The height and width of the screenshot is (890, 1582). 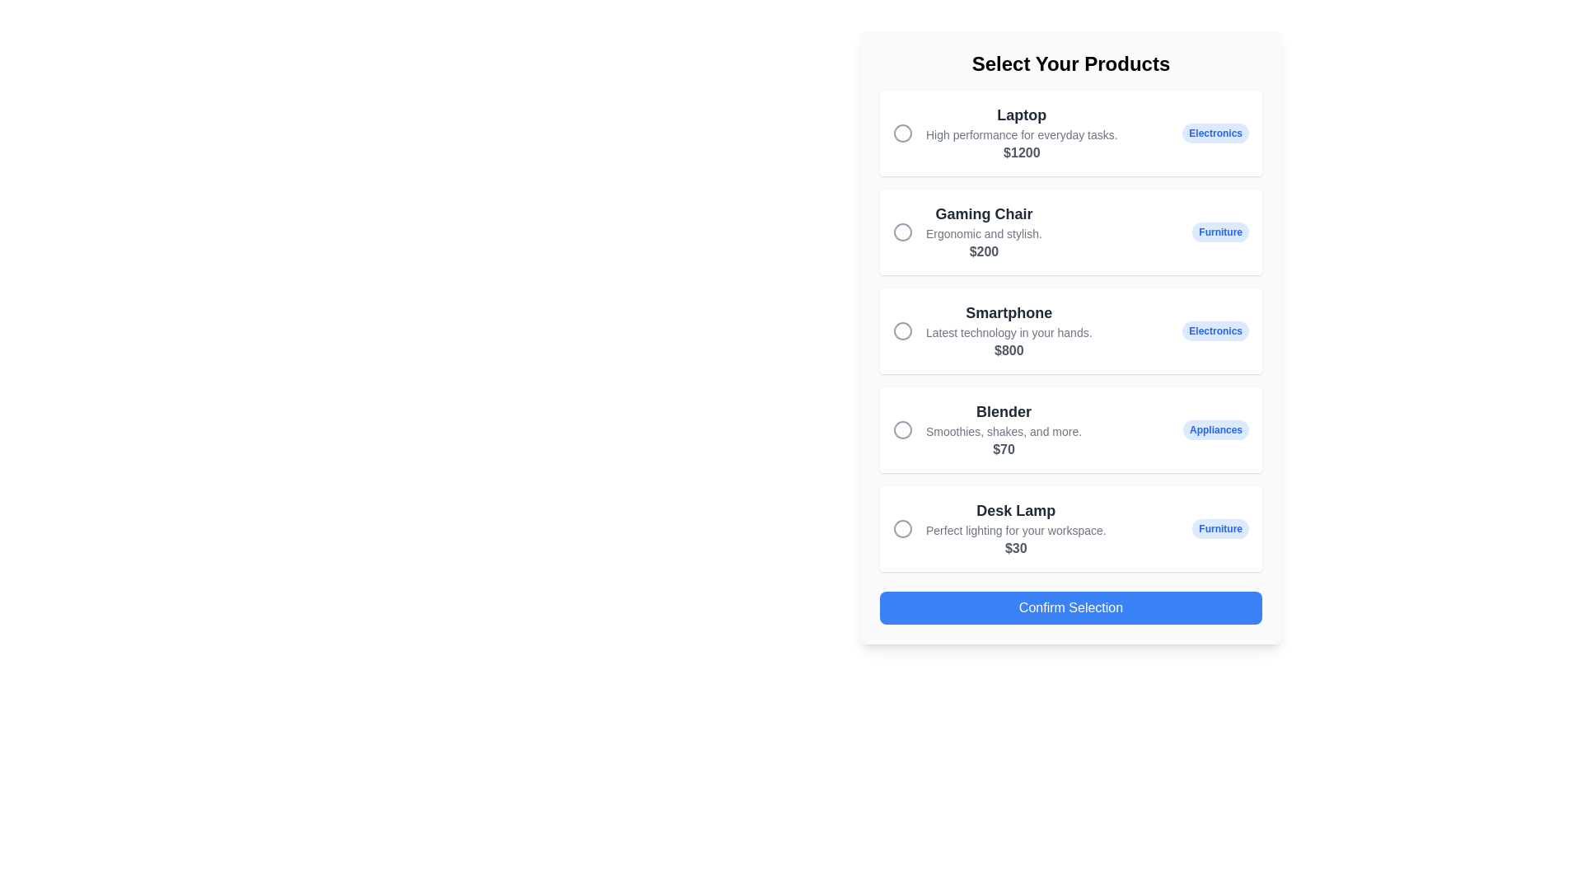 What do you see at coordinates (1003, 411) in the screenshot?
I see `product title label for 'Blender', which is located above the descriptive text and price in the product list item` at bounding box center [1003, 411].